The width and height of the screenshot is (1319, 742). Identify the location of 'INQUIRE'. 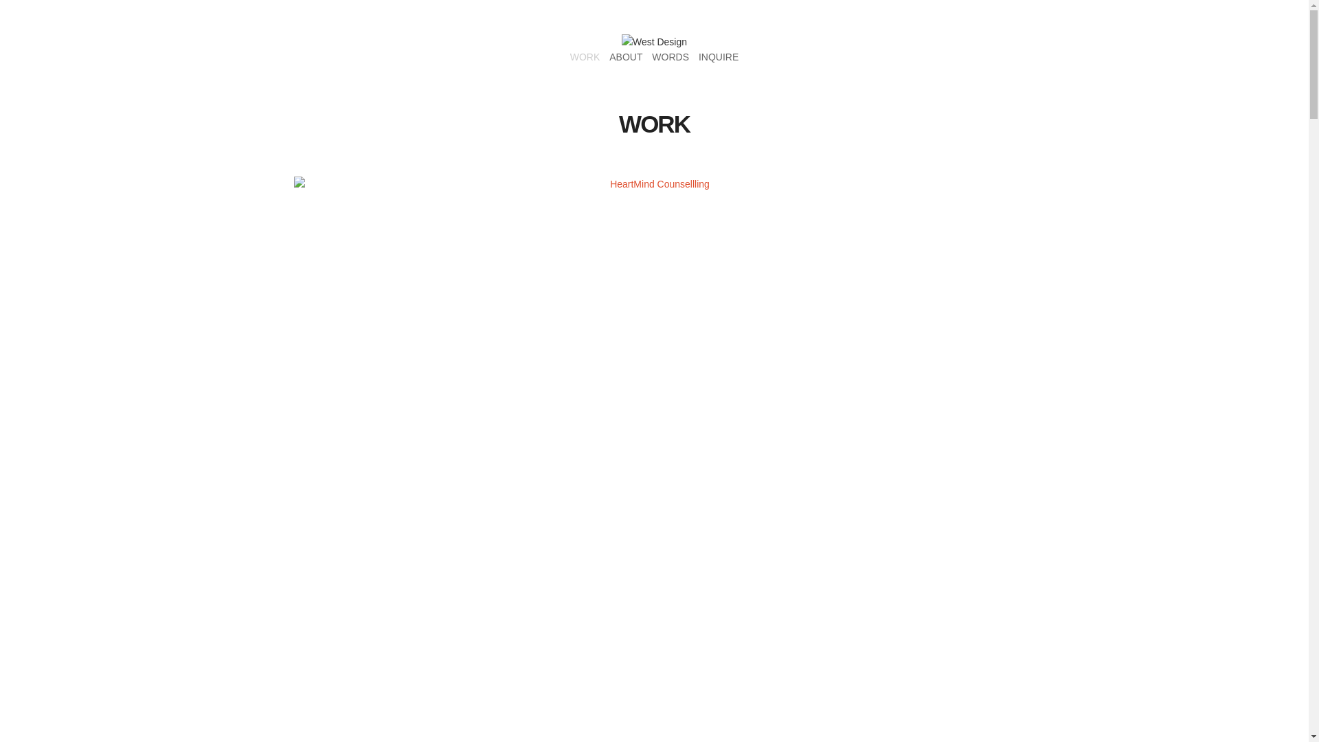
(718, 56).